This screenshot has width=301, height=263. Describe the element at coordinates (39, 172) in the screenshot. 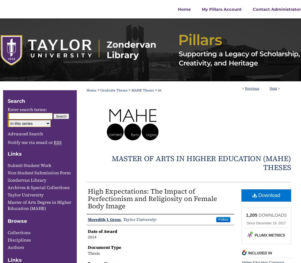

I see `'Non-Student Submission Form'` at that location.